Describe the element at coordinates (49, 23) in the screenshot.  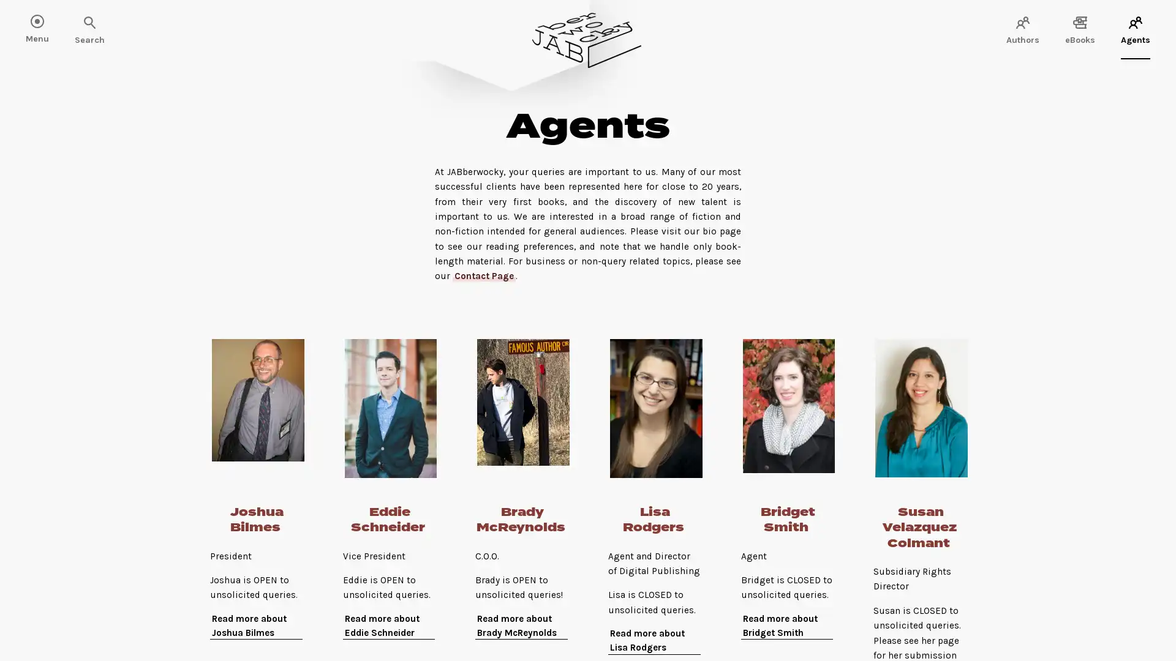
I see `Search` at that location.